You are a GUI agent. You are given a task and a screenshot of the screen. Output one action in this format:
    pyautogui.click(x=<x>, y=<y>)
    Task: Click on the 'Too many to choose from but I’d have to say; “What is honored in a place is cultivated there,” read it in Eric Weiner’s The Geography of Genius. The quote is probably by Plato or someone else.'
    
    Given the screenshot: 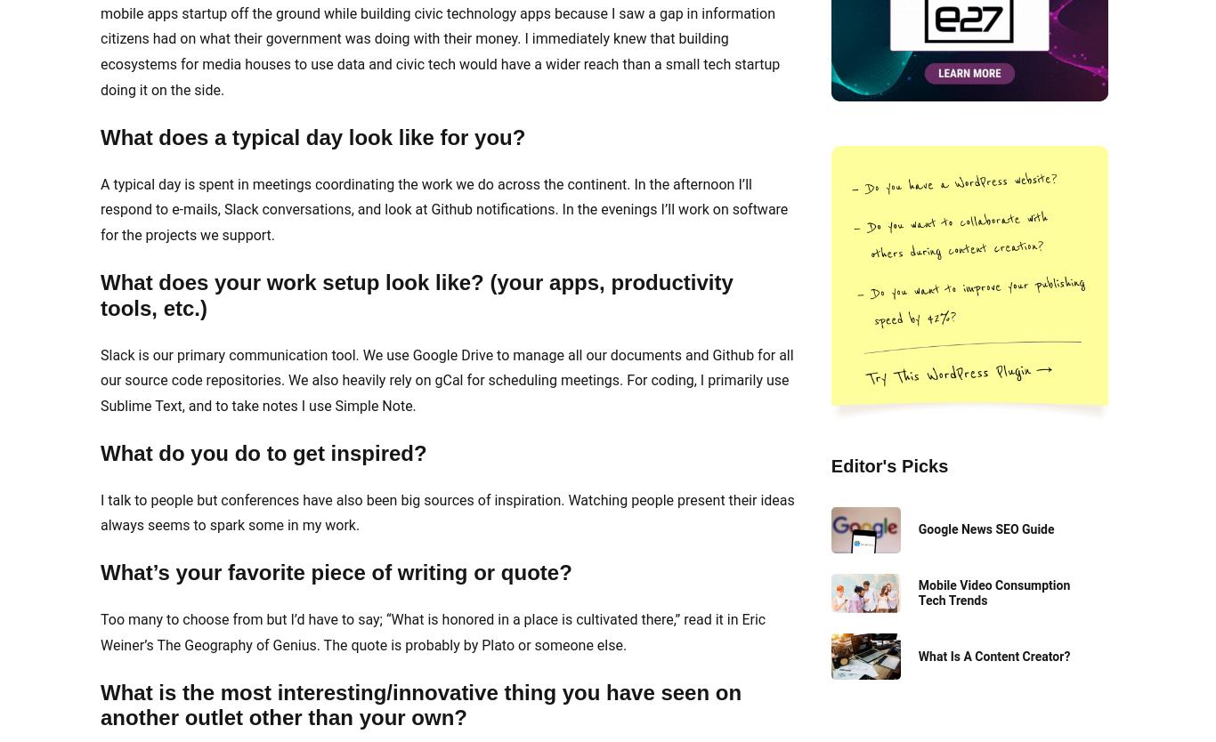 What is the action you would take?
    pyautogui.click(x=433, y=632)
    